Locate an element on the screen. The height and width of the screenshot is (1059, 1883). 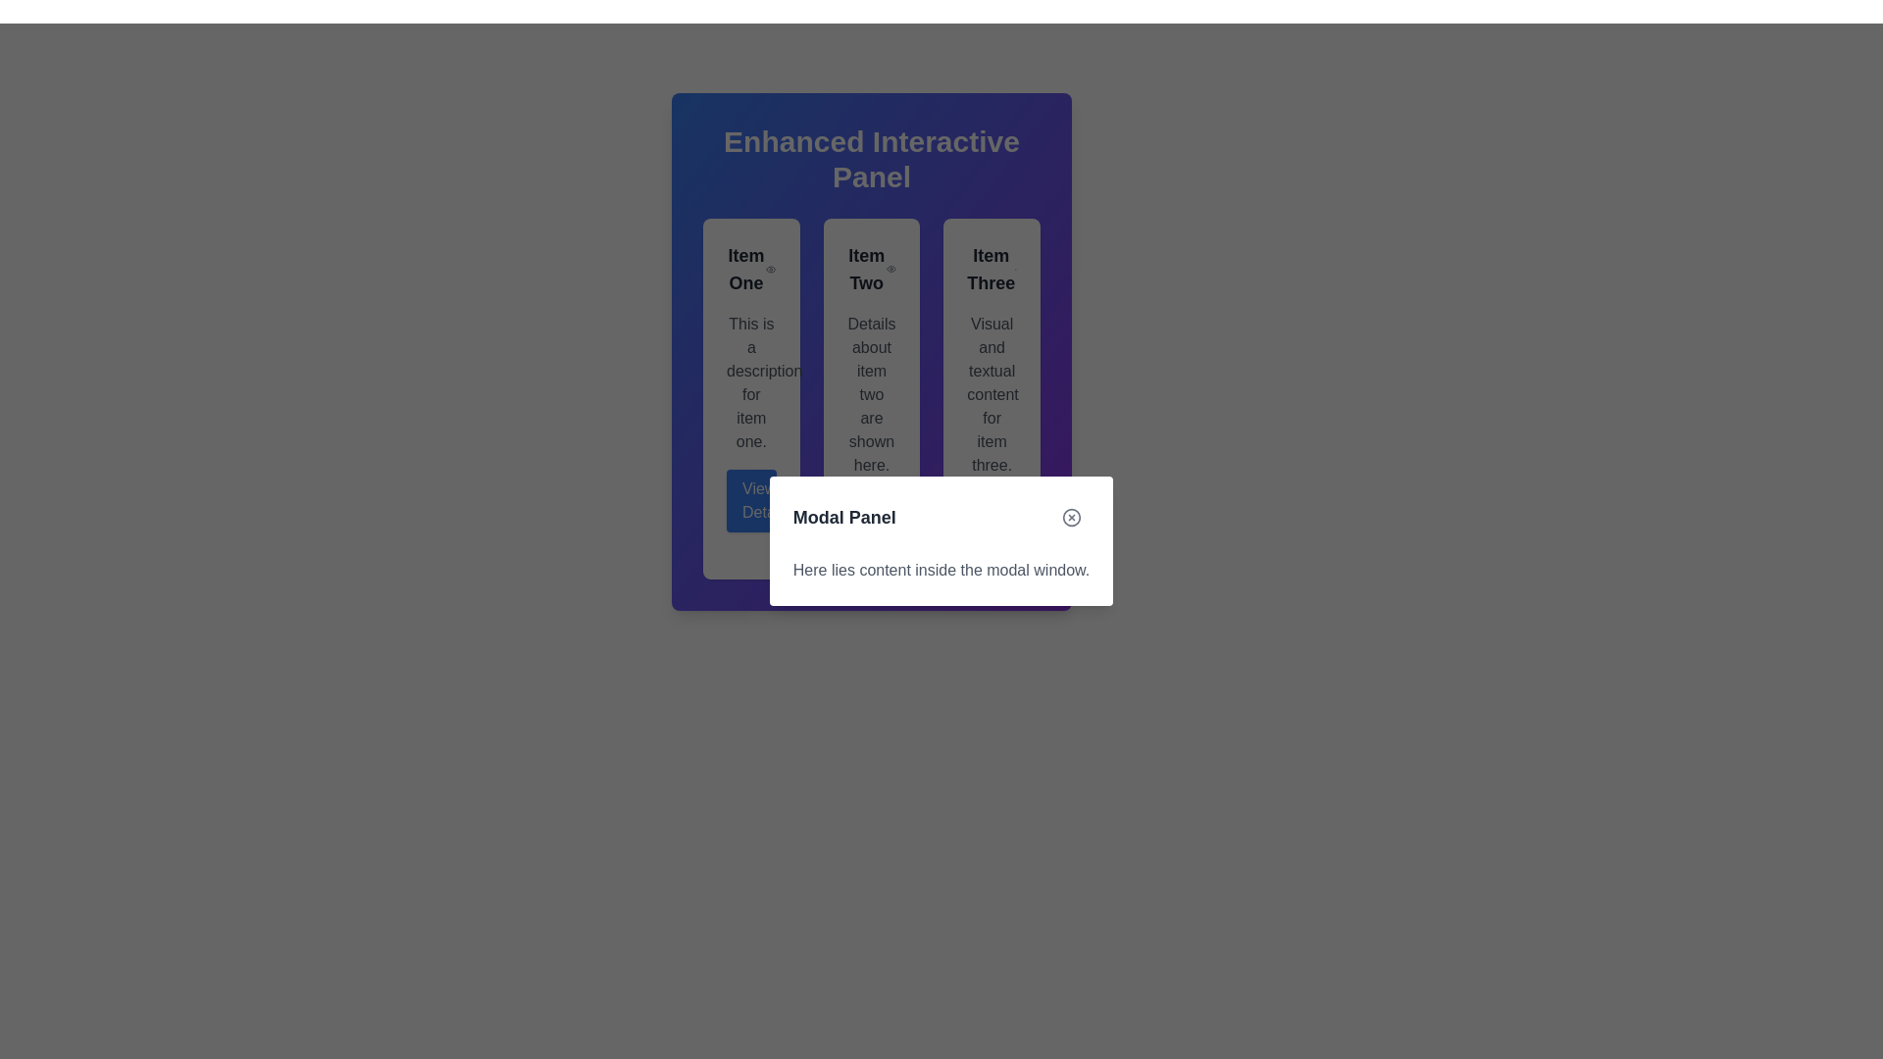
the close button at the top-right corner of the modal window is located at coordinates (1071, 517).